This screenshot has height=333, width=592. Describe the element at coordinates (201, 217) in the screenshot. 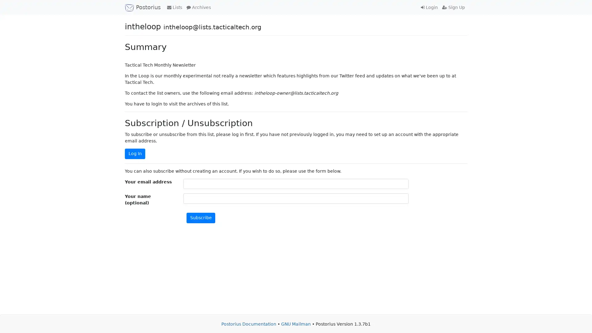

I see `Subscribe` at that location.